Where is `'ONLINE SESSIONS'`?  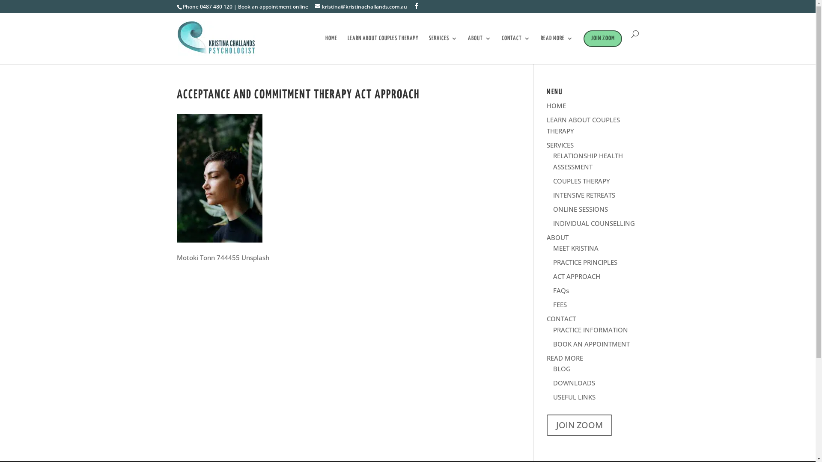
'ONLINE SESSIONS' is located at coordinates (581, 209).